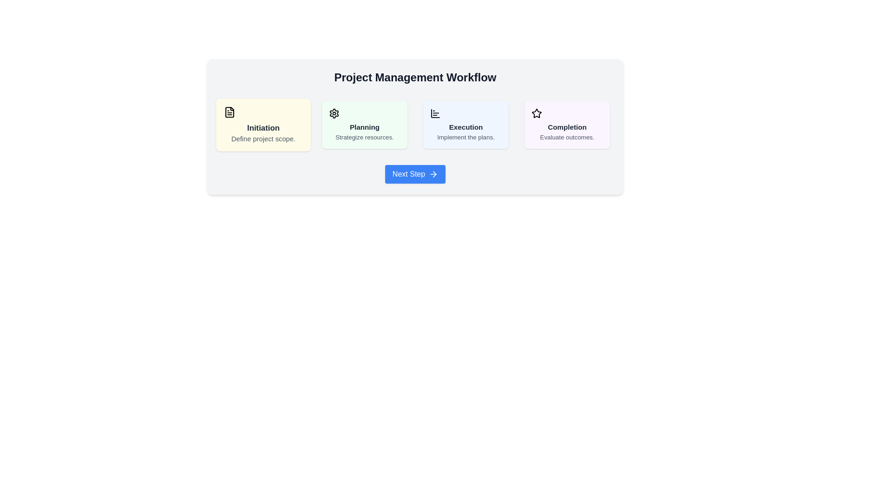 This screenshot has height=502, width=892. What do you see at coordinates (435, 113) in the screenshot?
I see `the icon representing the 'Execution' card, which is centrally located above the text description within the third card of the project management workflow` at bounding box center [435, 113].